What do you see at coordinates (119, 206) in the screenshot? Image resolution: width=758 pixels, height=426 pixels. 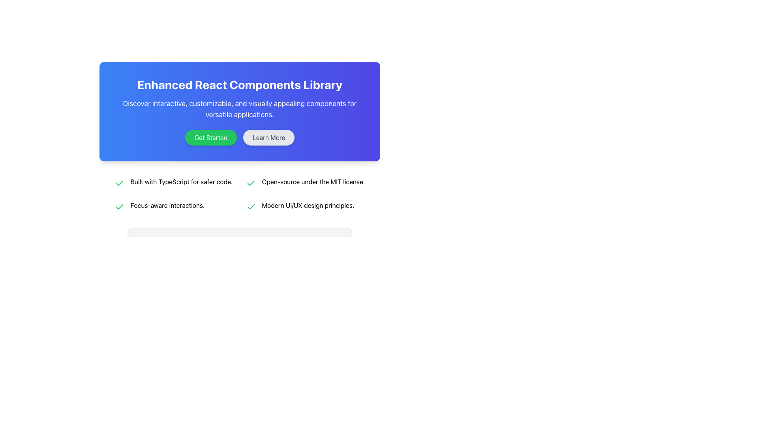 I see `the green checkmark icon located to the left of the text 'Focus-aware interactions' in the grid layout` at bounding box center [119, 206].